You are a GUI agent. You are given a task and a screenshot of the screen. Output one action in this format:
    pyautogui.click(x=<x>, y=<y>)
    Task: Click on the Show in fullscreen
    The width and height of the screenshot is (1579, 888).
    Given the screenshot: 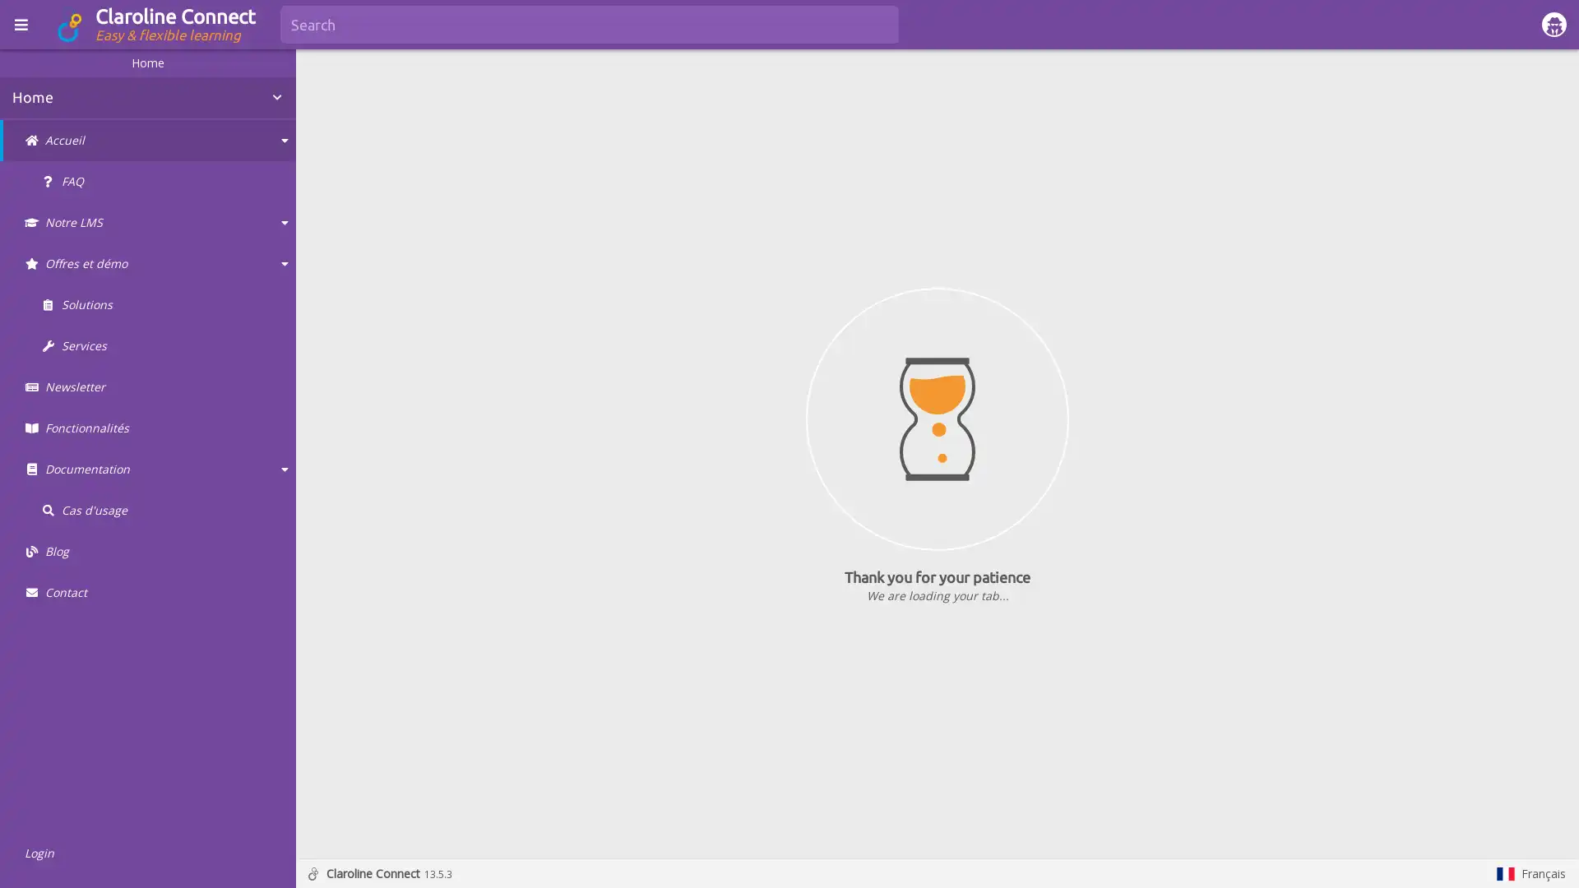 What is the action you would take?
    pyautogui.click(x=1505, y=290)
    